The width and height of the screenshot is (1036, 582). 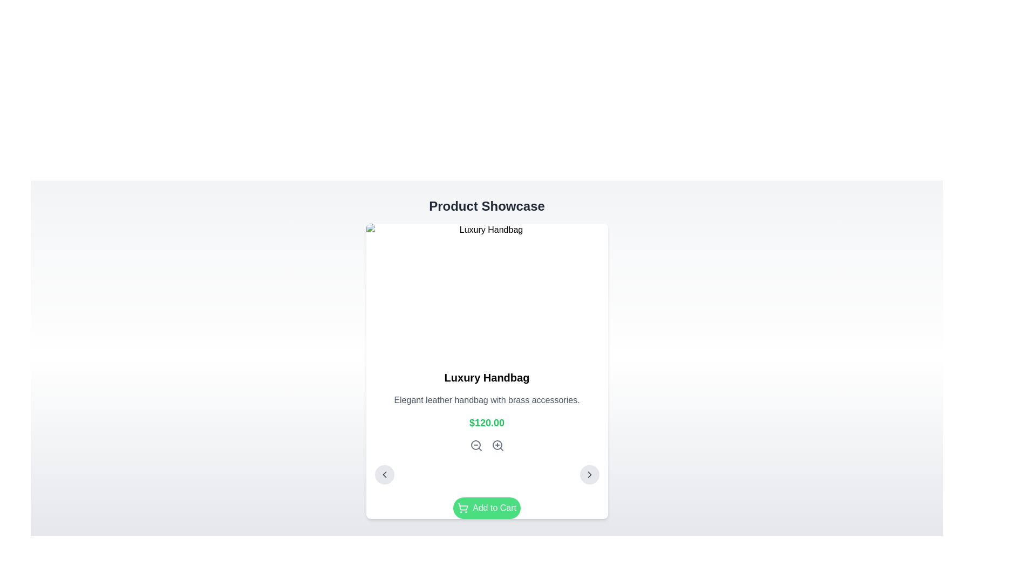 What do you see at coordinates (475, 445) in the screenshot?
I see `the circular part of the magnifying glass icon, which is located on the right side of the product showcase interface` at bounding box center [475, 445].